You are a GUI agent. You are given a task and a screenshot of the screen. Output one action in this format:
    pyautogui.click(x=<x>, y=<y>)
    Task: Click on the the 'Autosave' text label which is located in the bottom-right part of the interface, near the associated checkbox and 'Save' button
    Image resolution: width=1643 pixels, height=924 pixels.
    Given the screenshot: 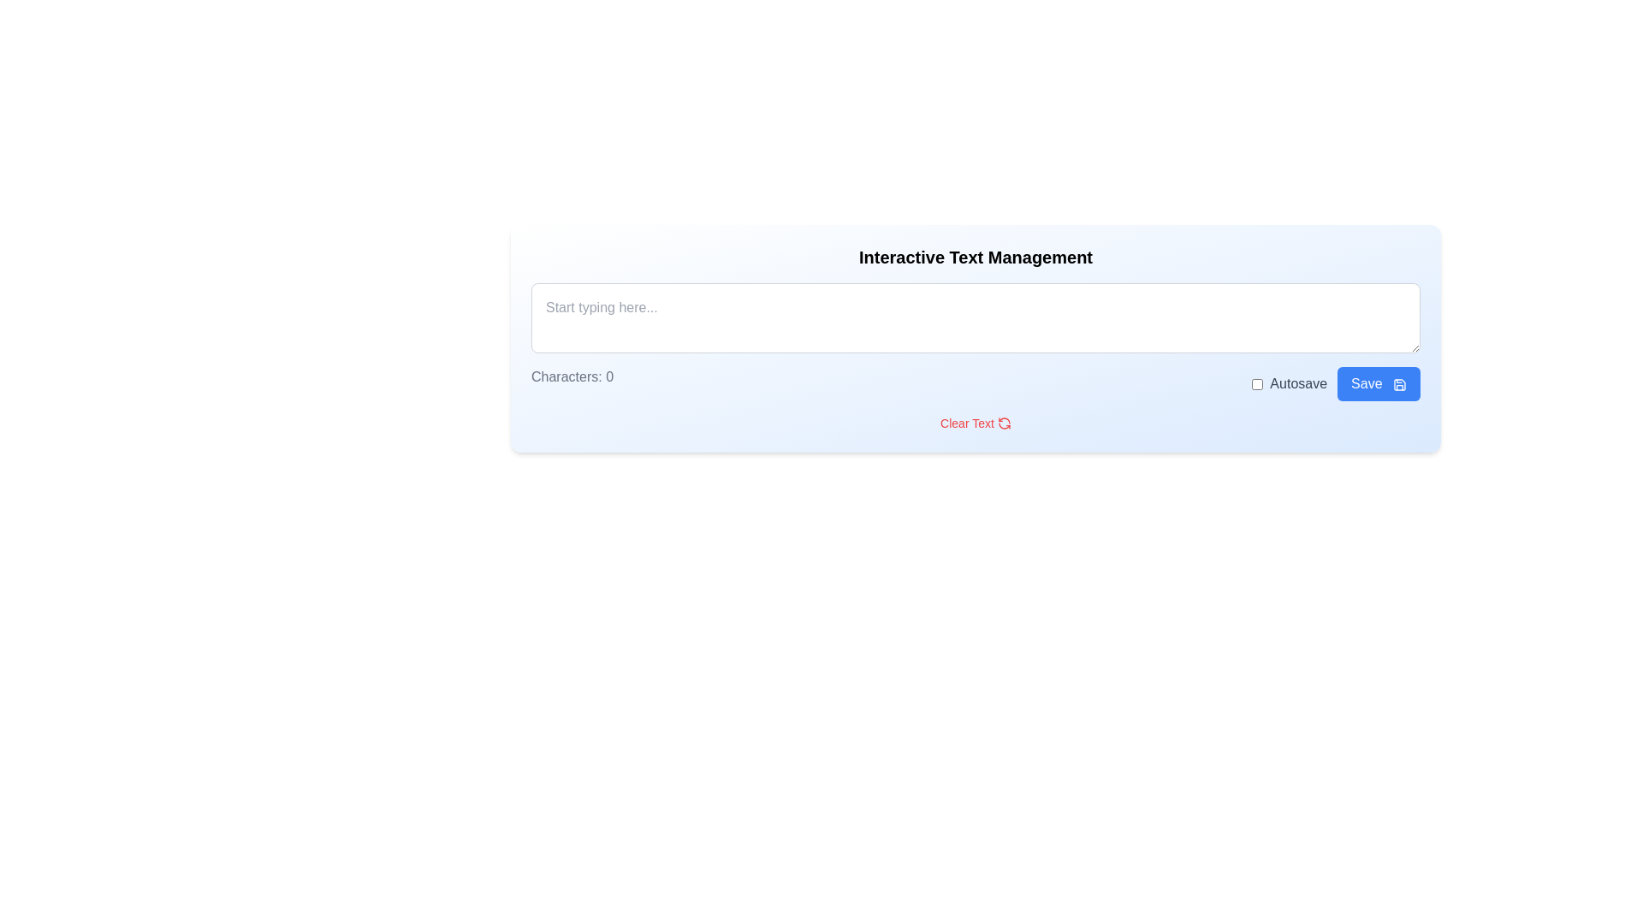 What is the action you would take?
    pyautogui.click(x=1290, y=382)
    